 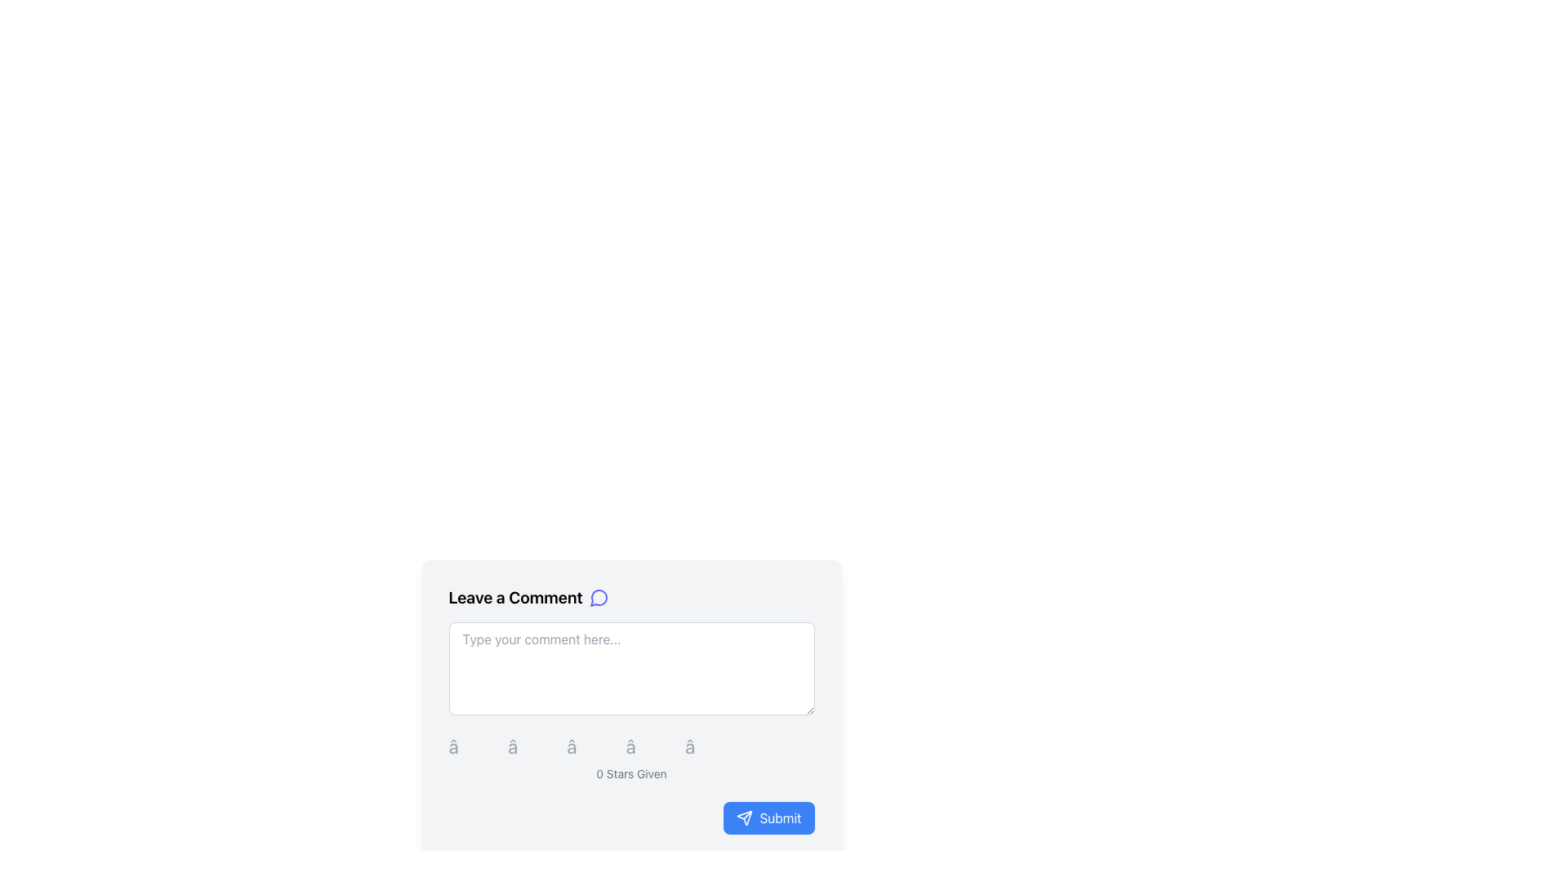 I want to click on the text label displaying '0 Stars Given', which is styled in gray and located below the star icons and above the 'Submit' button in the feedback card titled 'Leave a Comment', so click(x=630, y=773).